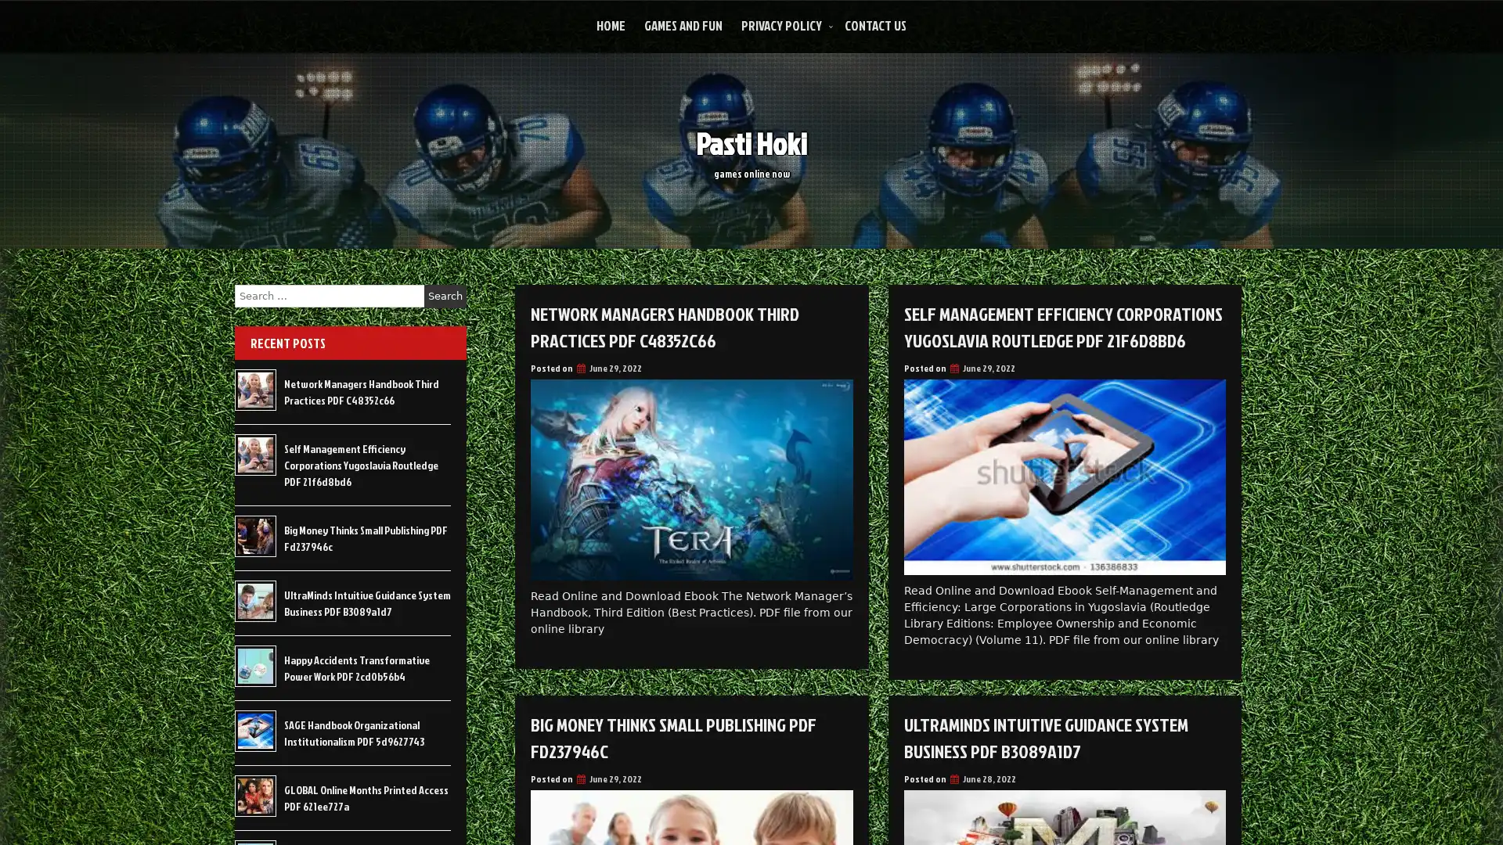 The height and width of the screenshot is (845, 1503). I want to click on Search, so click(445, 296).